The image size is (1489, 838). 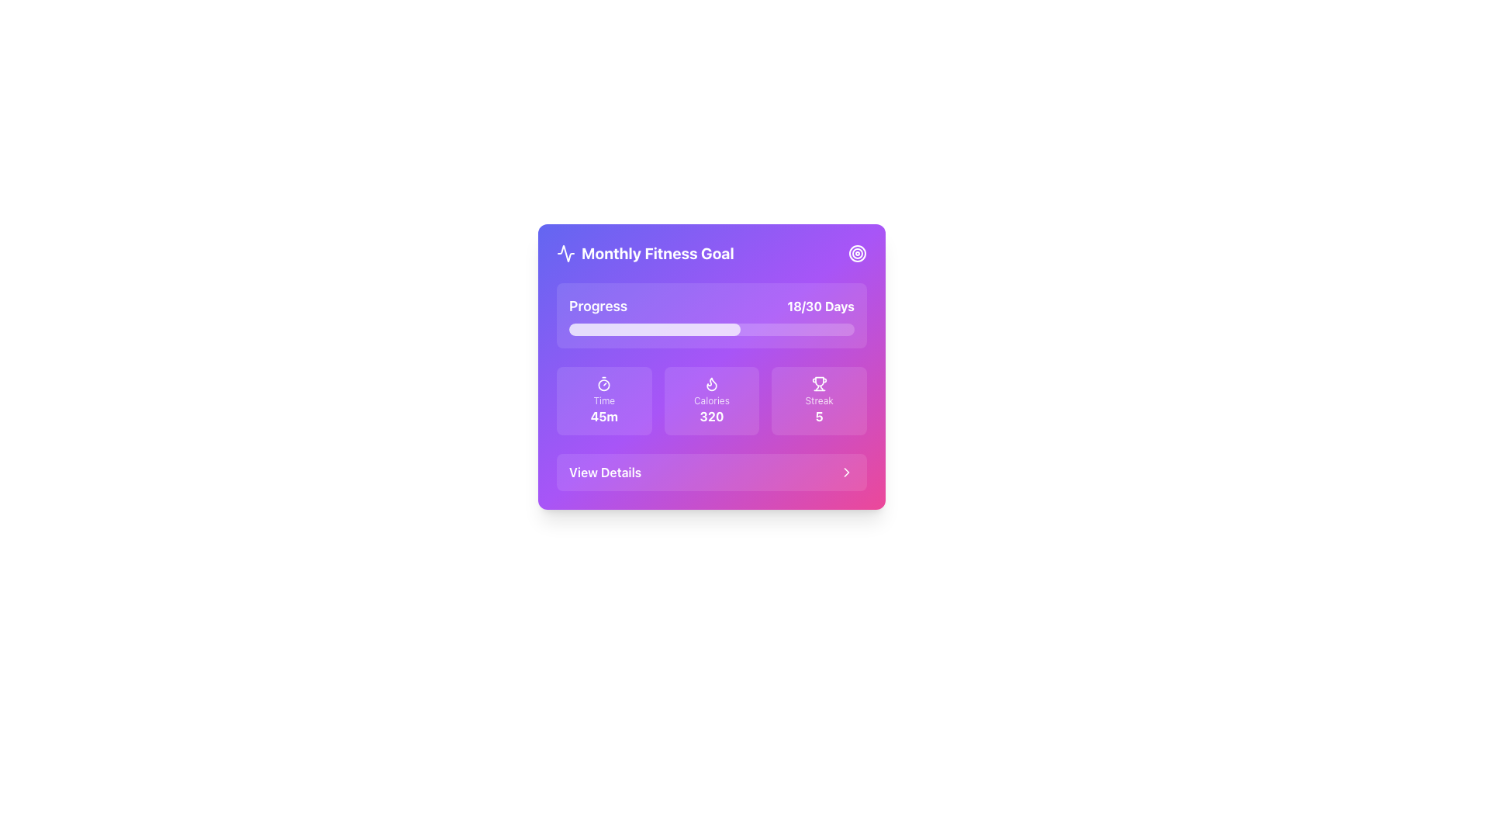 What do you see at coordinates (603, 383) in the screenshot?
I see `the timer or stopwatch icon located in the top-left quadrant, directly above the label 'Time' and the value '45m'` at bounding box center [603, 383].